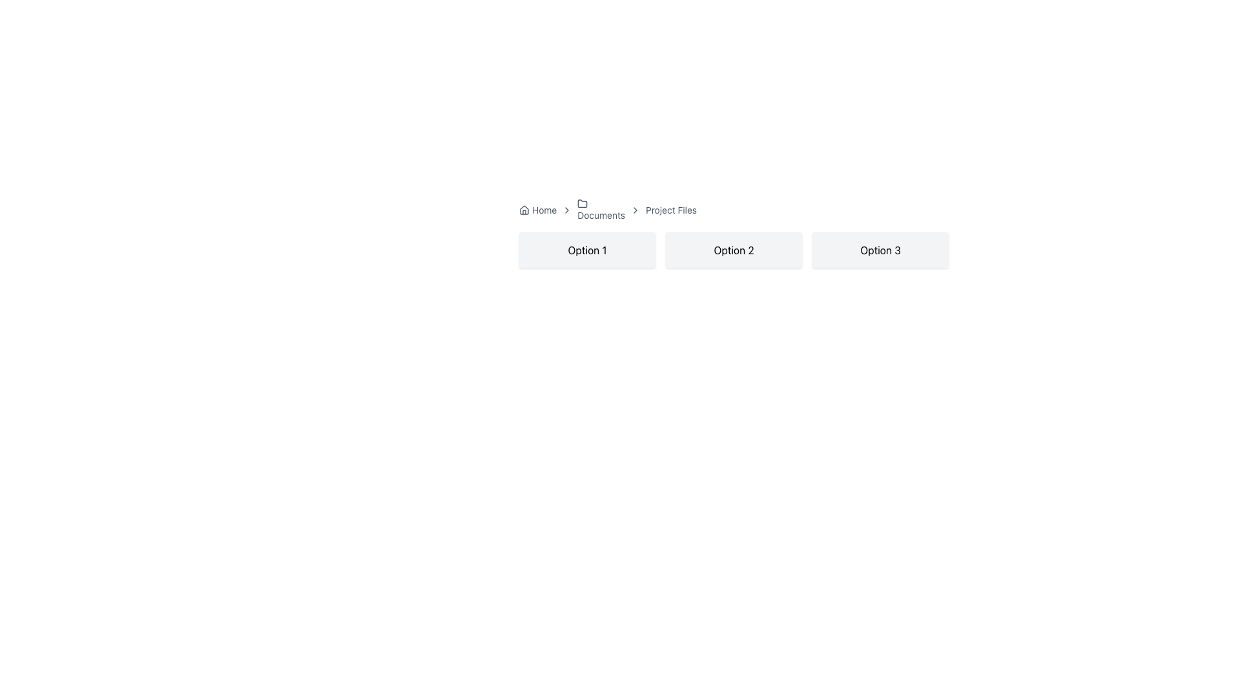 The image size is (1240, 697). I want to click on the house icon located on the far left of the breadcrumb navigation bar, which precedes the text 'Home', so click(524, 210).